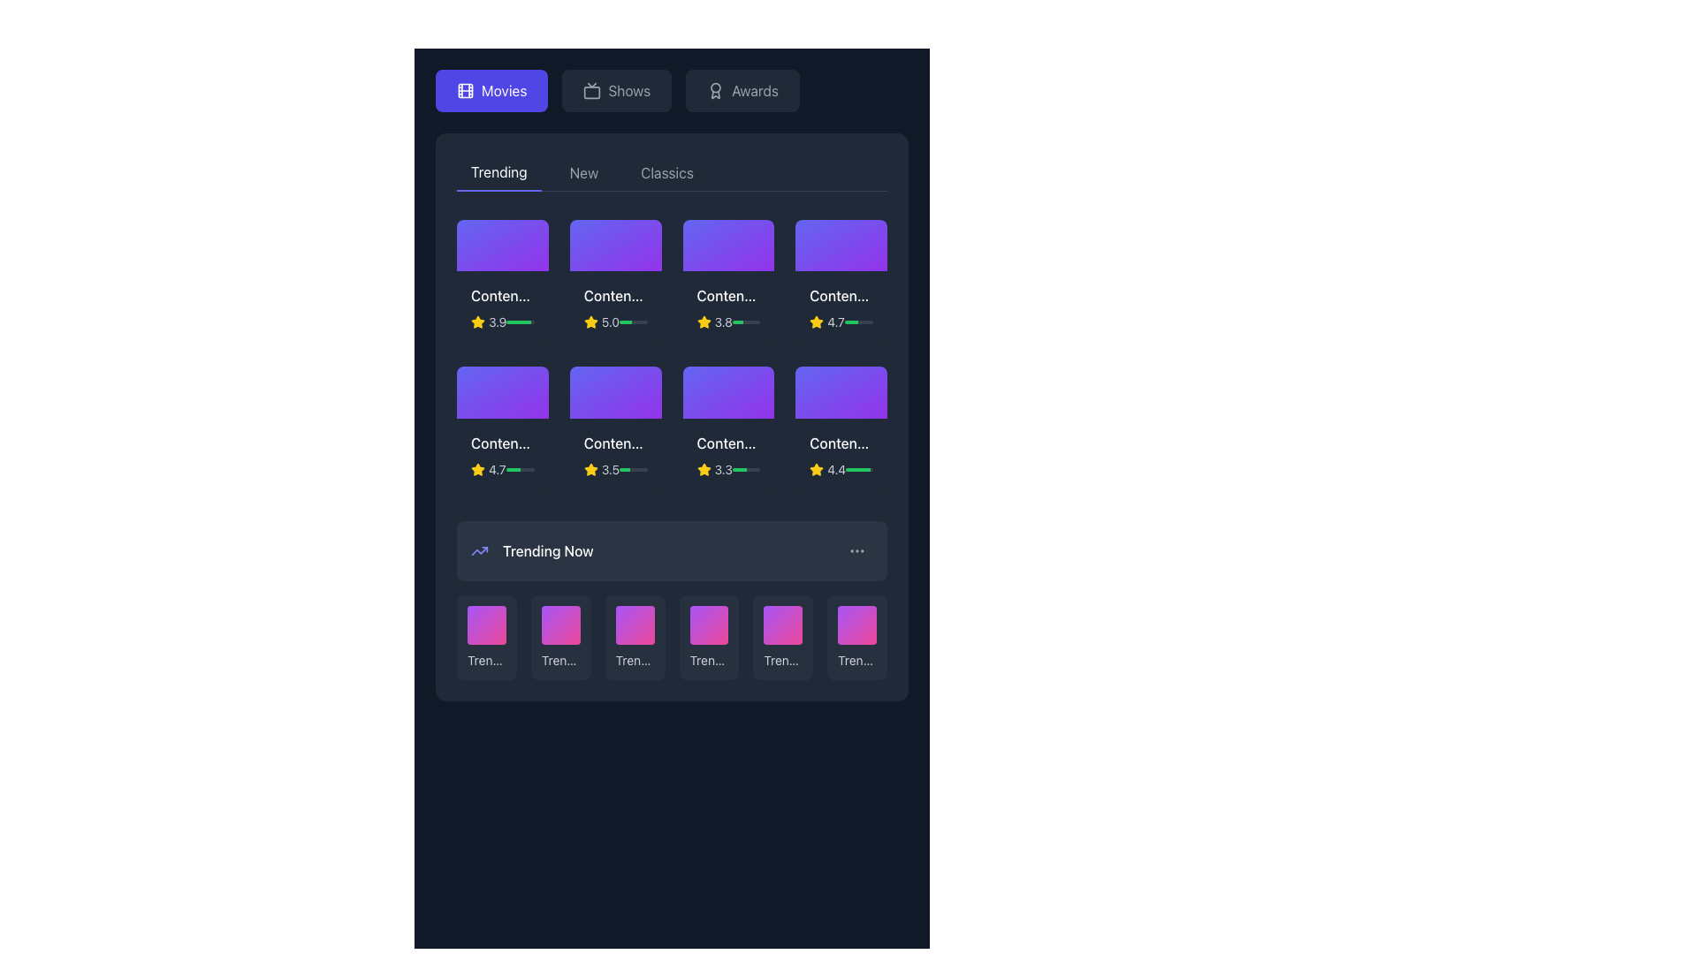  I want to click on the first navigation tab labeled 'Trending', which is located in the top-left portion of the main content area, so click(498, 172).